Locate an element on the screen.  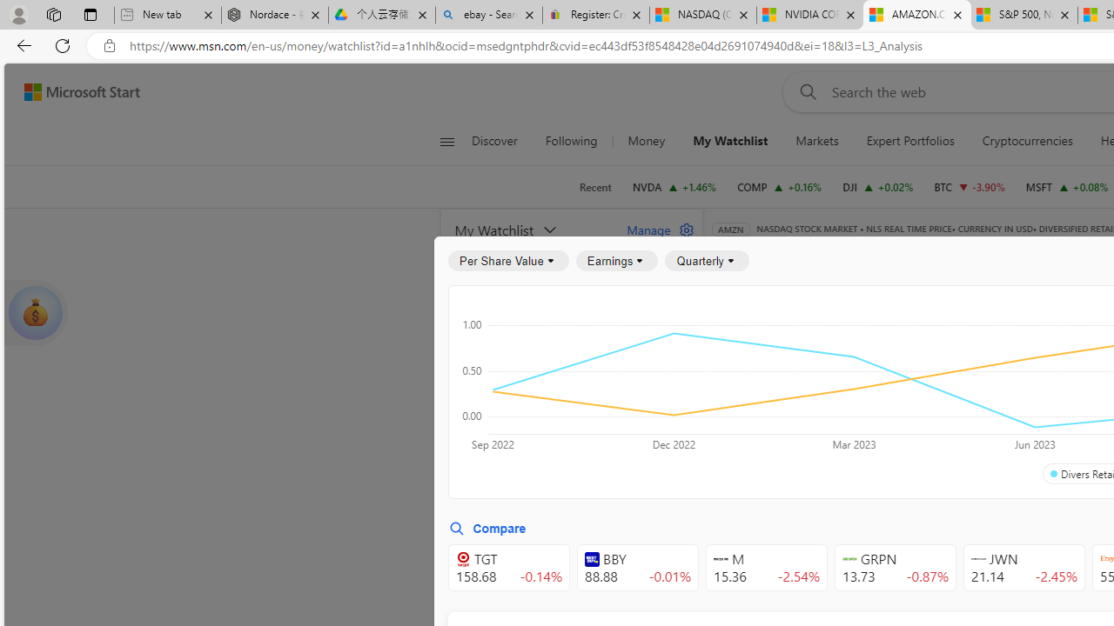
'Quarterly' is located at coordinates (707, 261).